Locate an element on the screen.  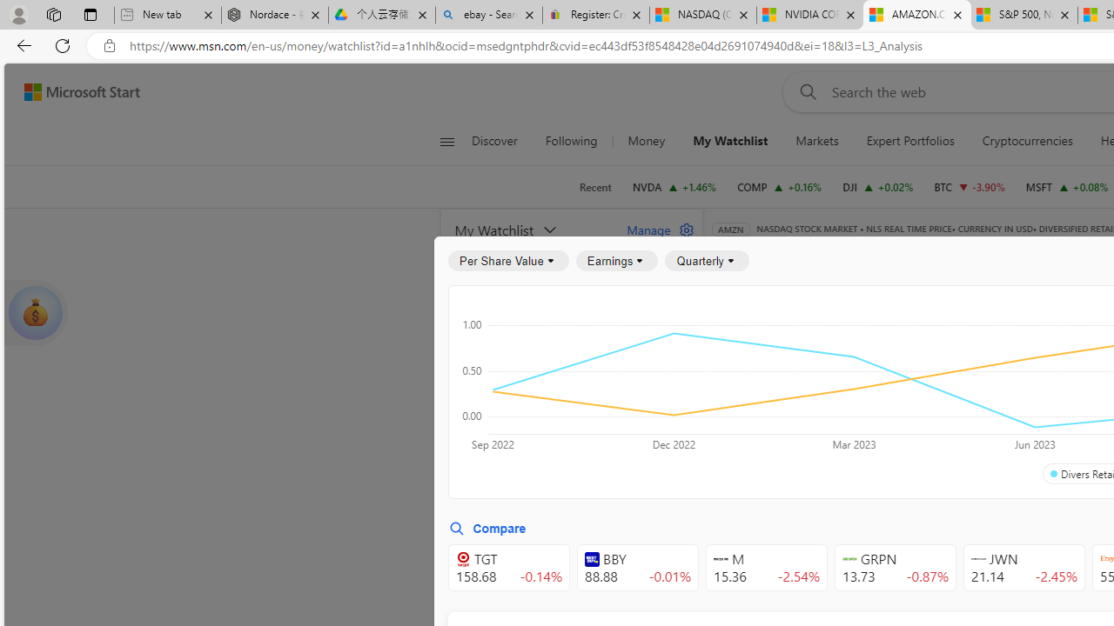
'Quarterly' is located at coordinates (707, 261).